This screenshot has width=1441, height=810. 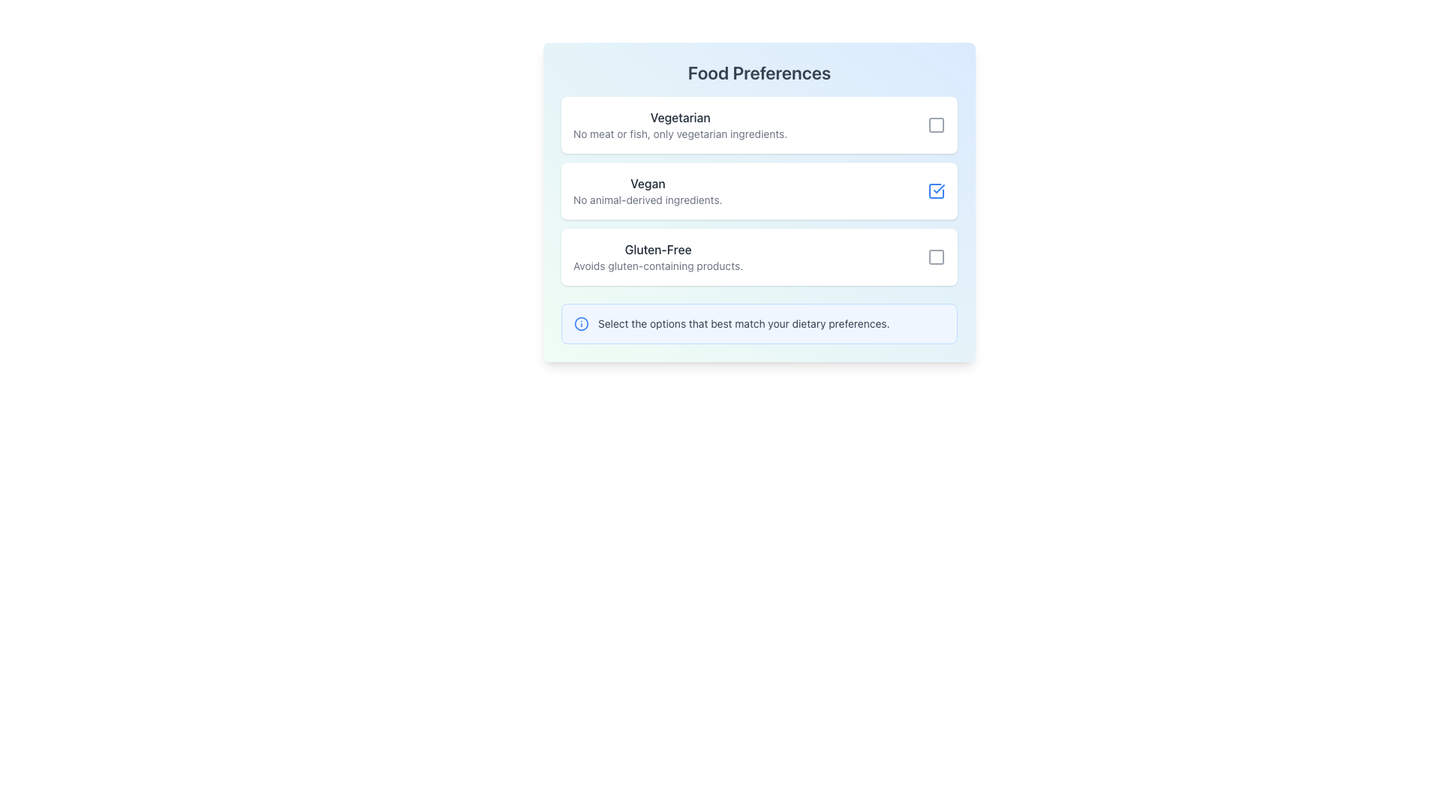 I want to click on the vector graphic circle component of the informational icon located at the left side of the blue text box containing instructional content, so click(x=580, y=323).